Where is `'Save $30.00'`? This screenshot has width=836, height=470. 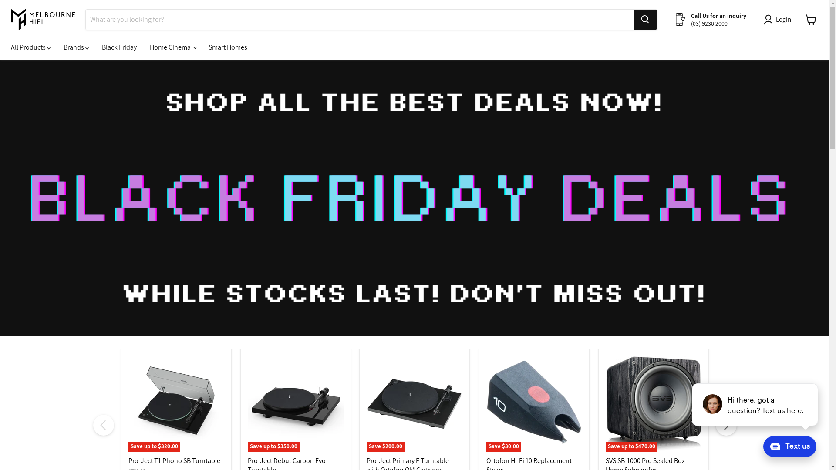
'Save $30.00' is located at coordinates (533, 404).